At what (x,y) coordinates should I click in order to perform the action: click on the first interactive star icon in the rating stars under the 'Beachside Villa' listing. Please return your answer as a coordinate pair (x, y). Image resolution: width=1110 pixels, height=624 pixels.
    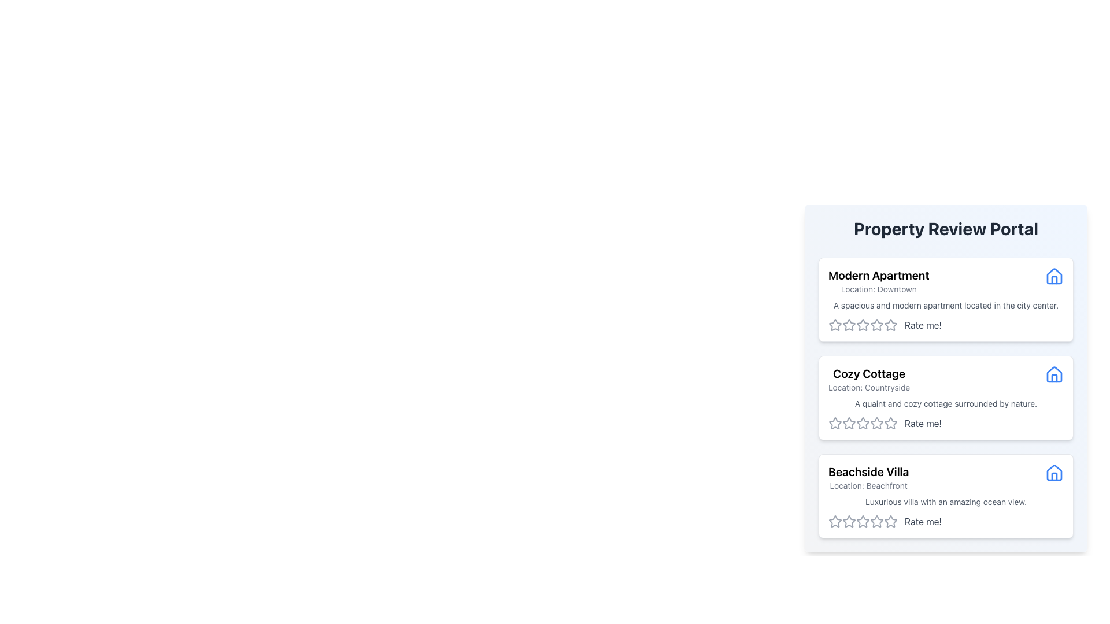
    Looking at the image, I should click on (849, 521).